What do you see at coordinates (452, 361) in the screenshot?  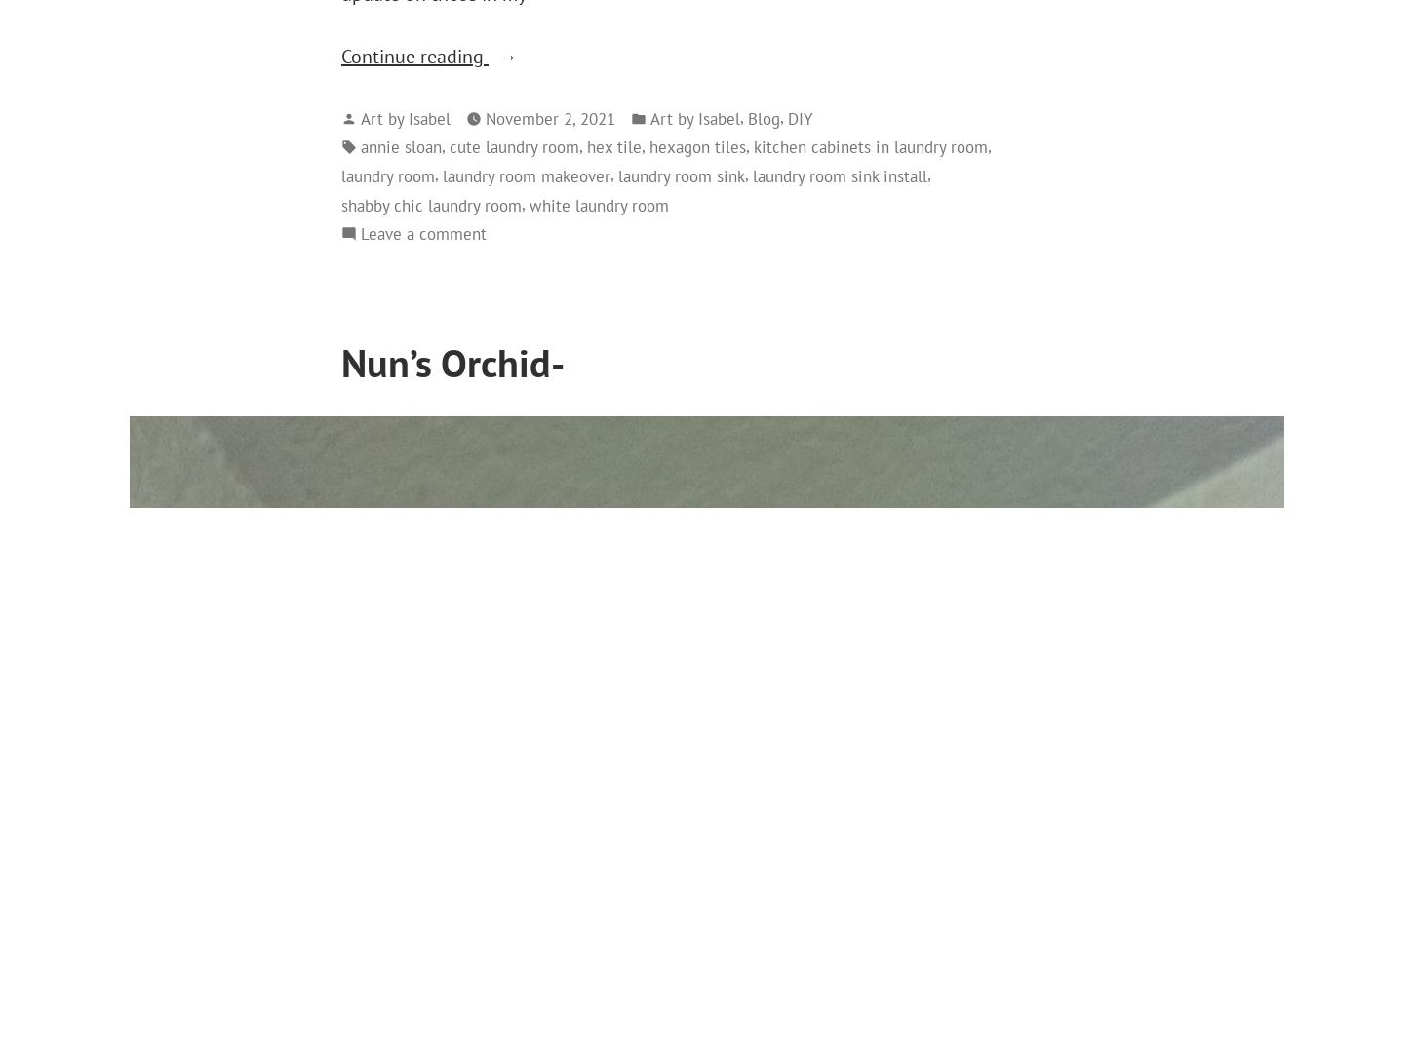 I see `'Nun’s Orchid-'` at bounding box center [452, 361].